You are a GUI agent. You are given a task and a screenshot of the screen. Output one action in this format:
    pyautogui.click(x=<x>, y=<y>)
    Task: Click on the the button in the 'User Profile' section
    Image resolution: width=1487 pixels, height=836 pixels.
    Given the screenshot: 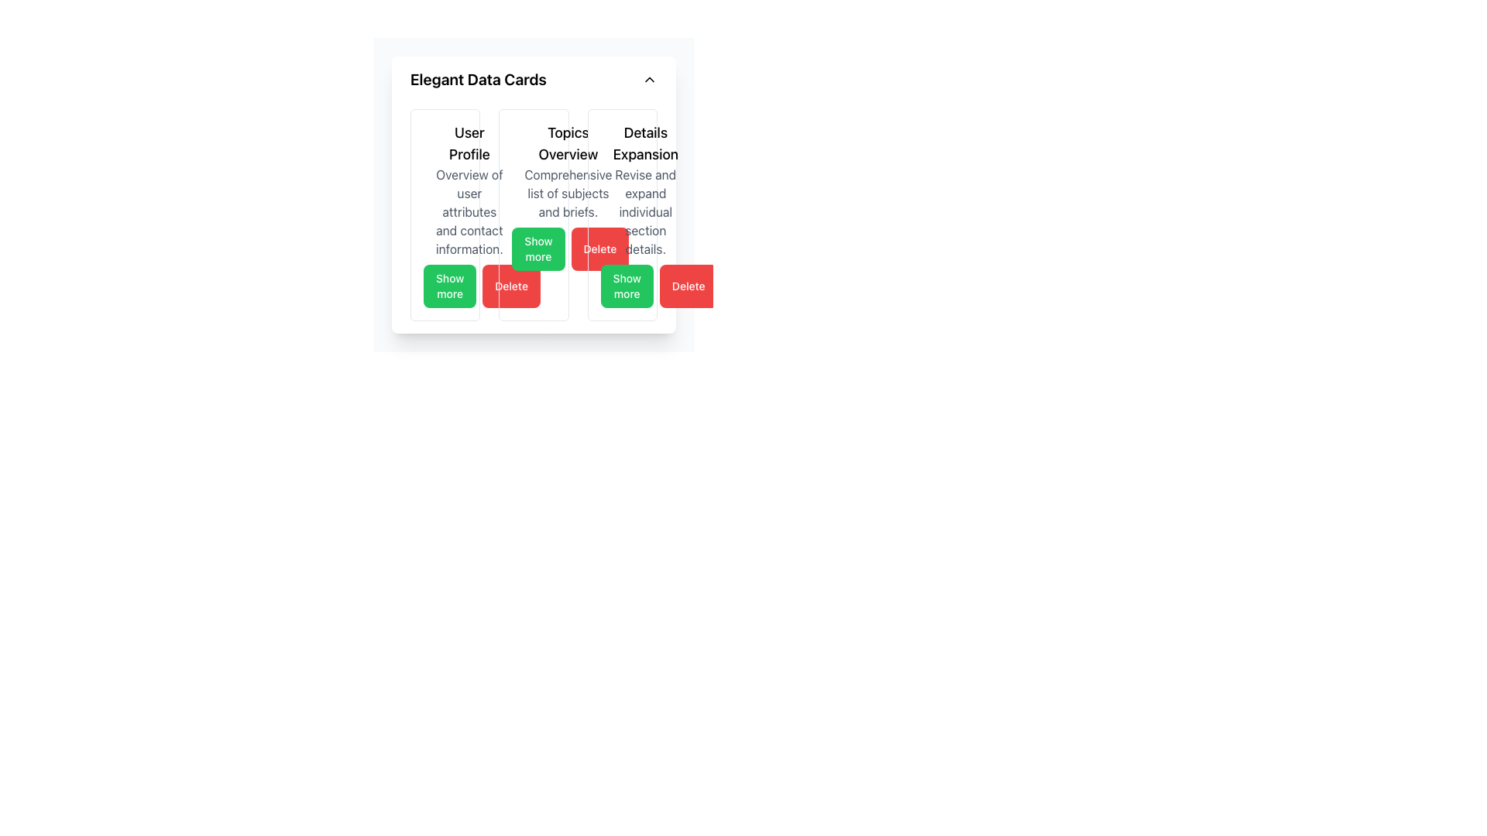 What is the action you would take?
    pyautogui.click(x=445, y=286)
    